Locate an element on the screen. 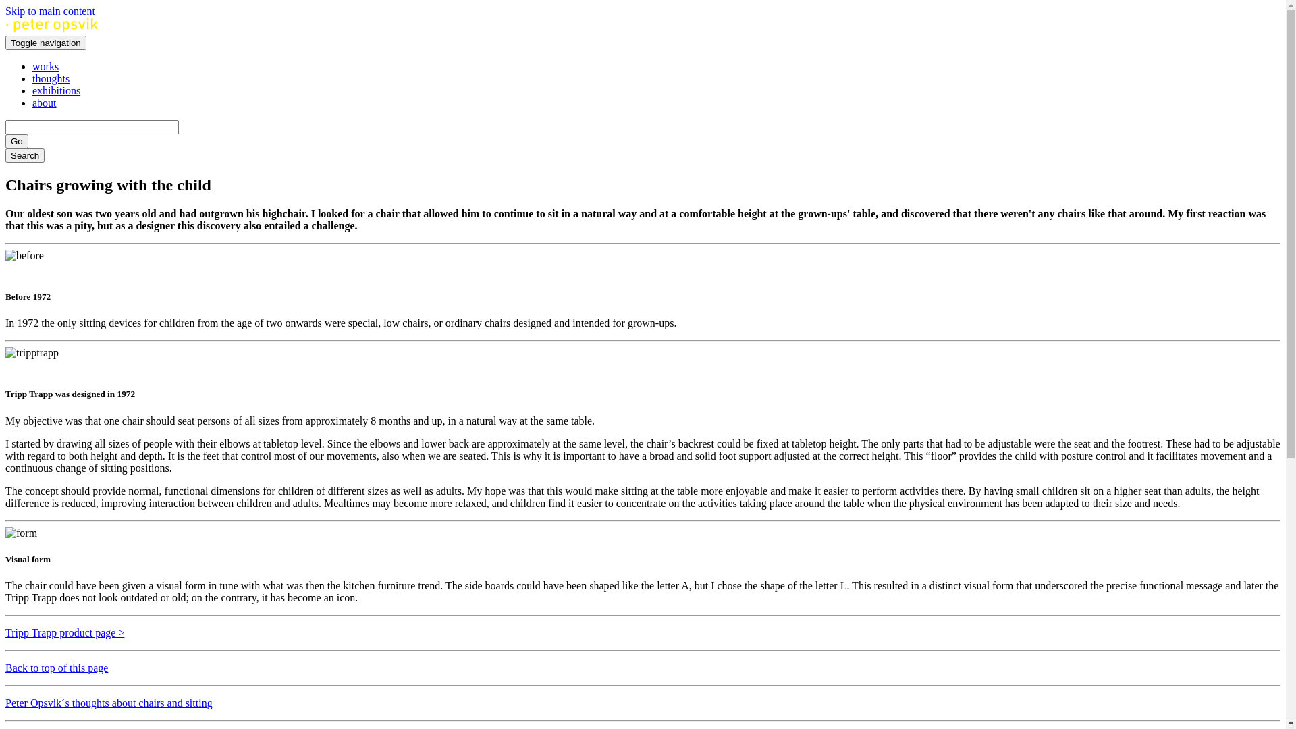  'thoughts' is located at coordinates (51, 78).